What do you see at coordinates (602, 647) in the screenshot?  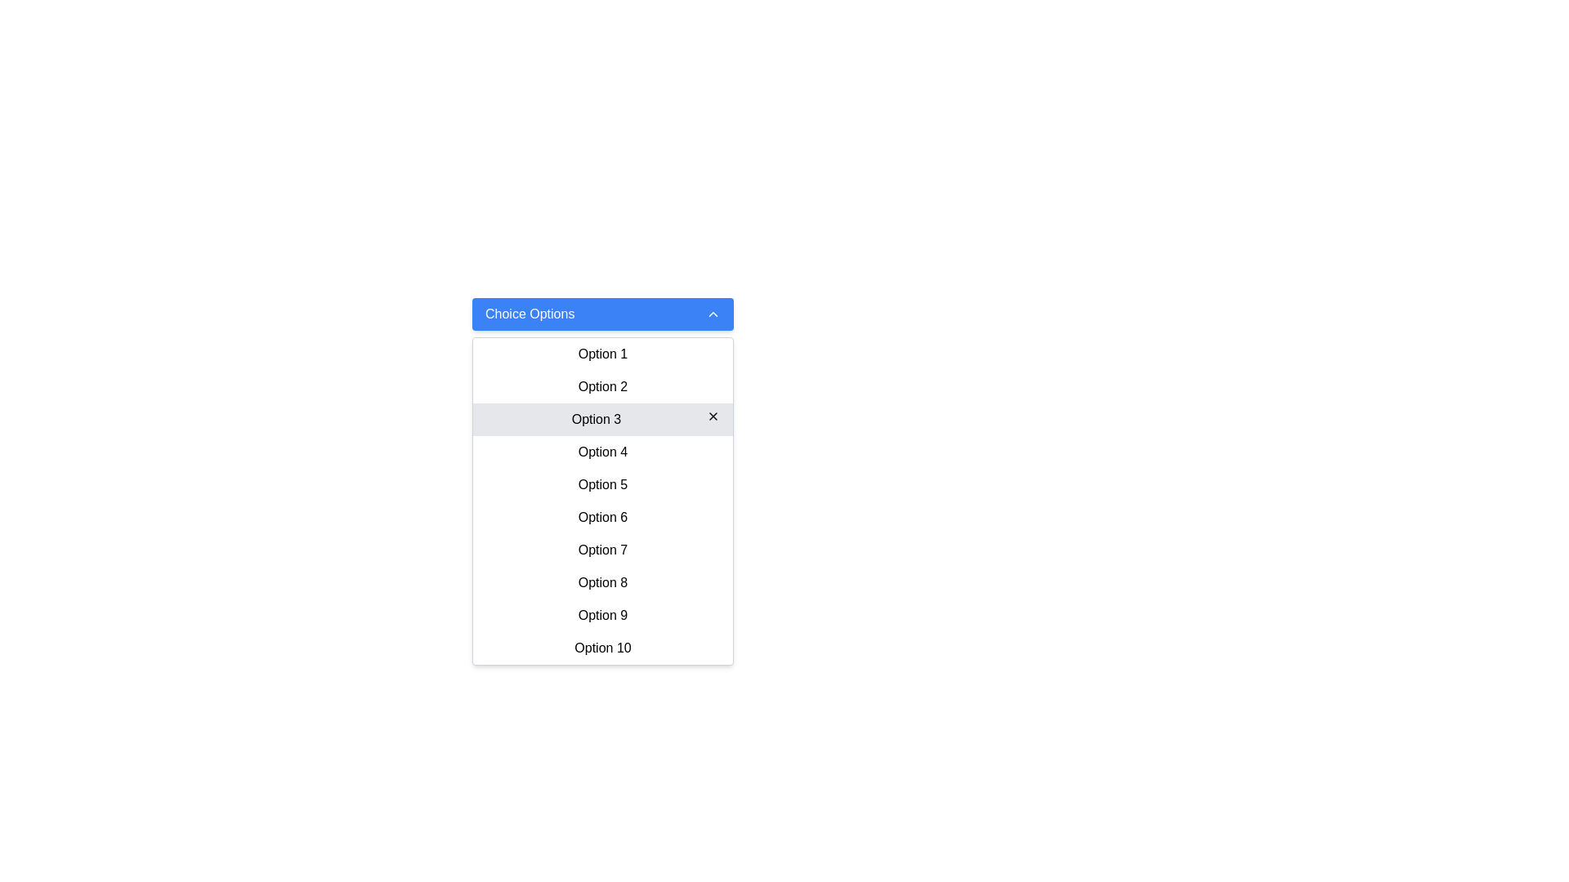 I see `the selectable option 'Option 10' in the dropdown menu located at the bottom of the 'Choice Options' list` at bounding box center [602, 647].